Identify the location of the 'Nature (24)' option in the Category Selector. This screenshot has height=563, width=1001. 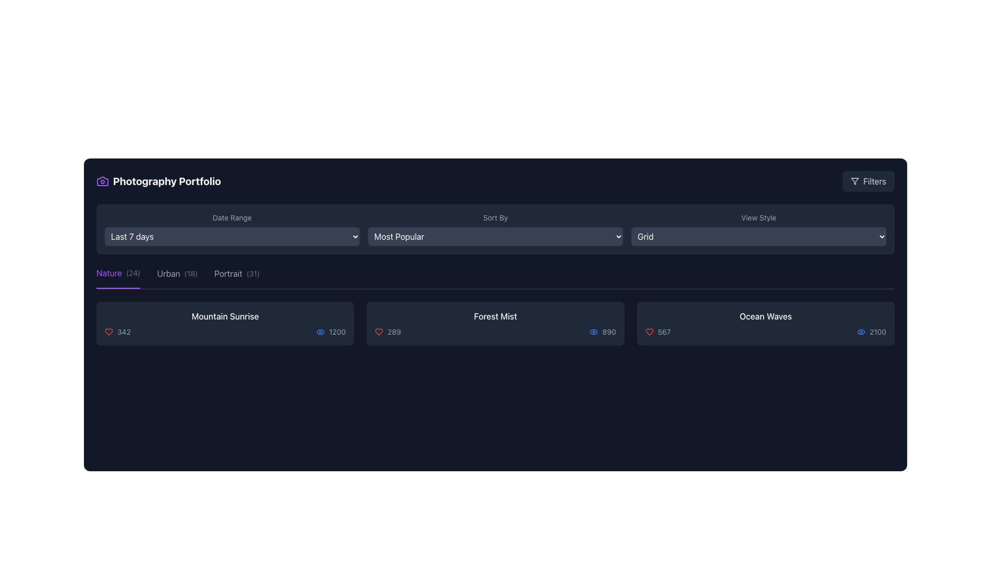
(495, 277).